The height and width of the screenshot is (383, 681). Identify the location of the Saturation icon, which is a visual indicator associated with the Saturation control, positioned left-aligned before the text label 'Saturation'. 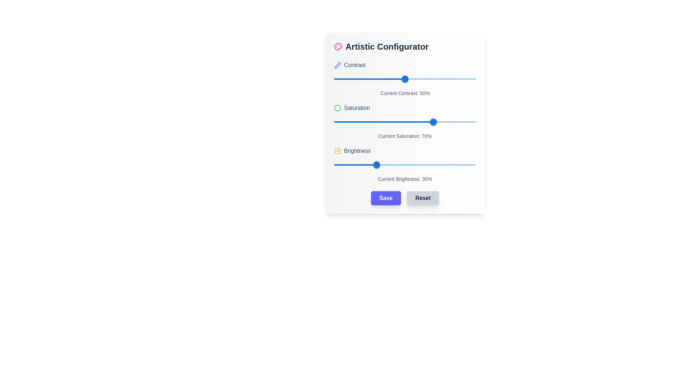
(337, 108).